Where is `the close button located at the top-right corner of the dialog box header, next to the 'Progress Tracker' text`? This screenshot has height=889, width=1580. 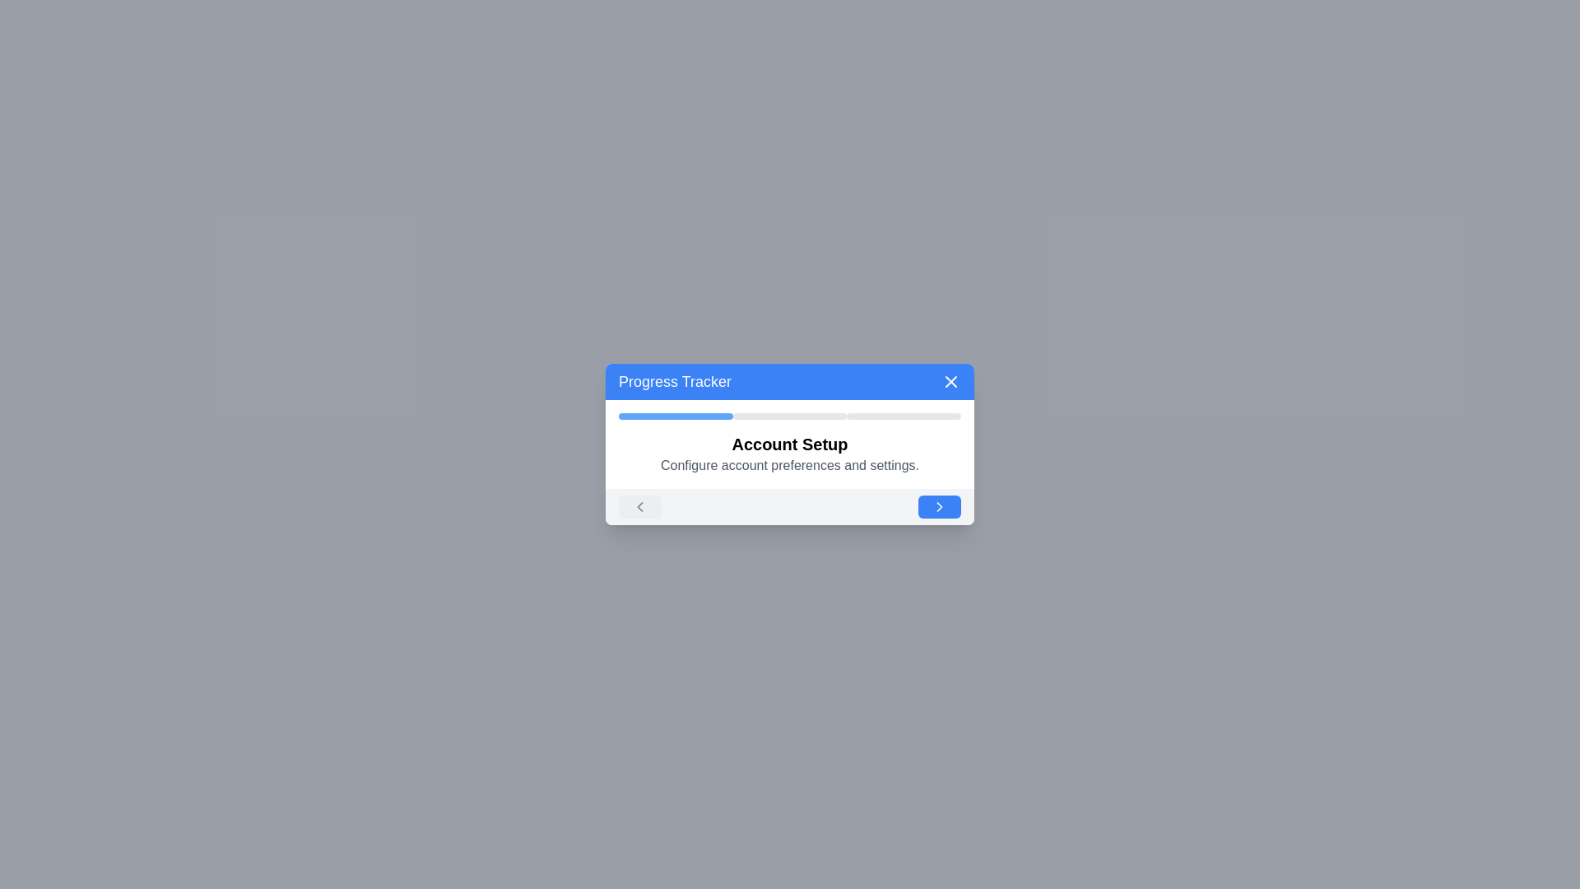 the close button located at the top-right corner of the dialog box header, next to the 'Progress Tracker' text is located at coordinates (951, 381).